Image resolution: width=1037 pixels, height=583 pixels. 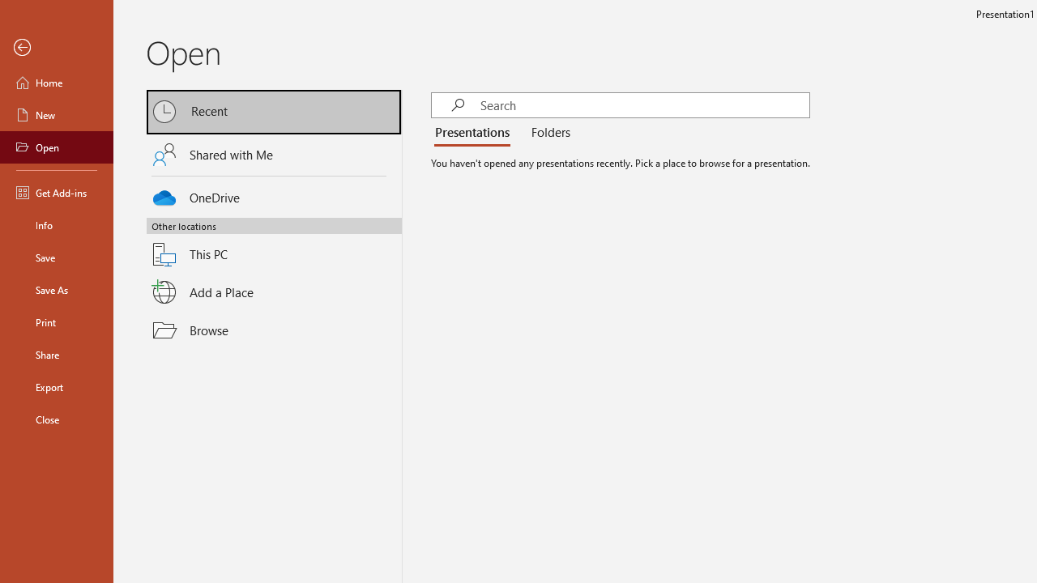 I want to click on 'Add a Place', so click(x=274, y=292).